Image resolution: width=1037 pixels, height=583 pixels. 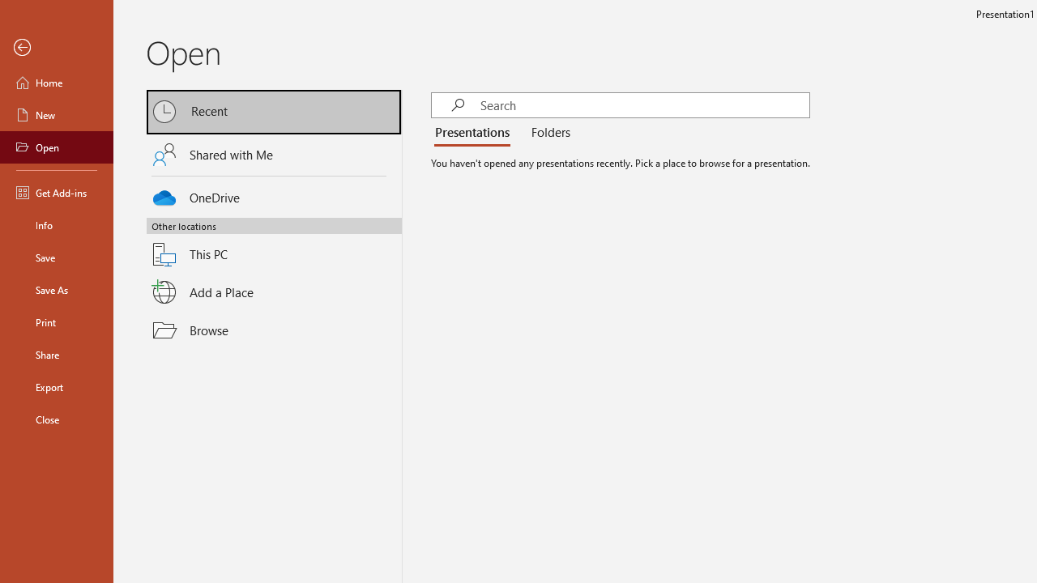 I want to click on 'Add a Place', so click(x=274, y=292).